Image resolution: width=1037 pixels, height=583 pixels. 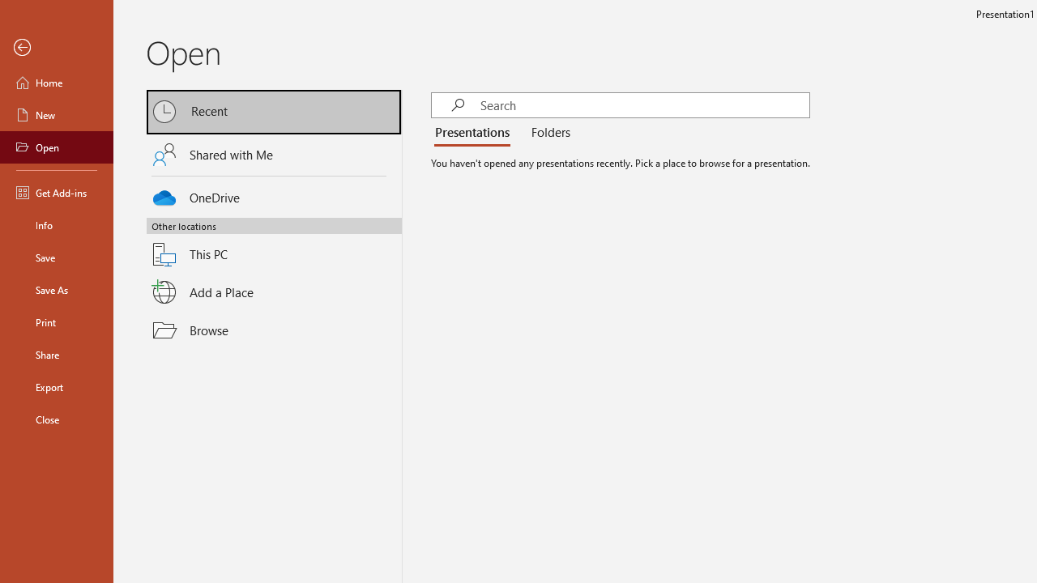 I want to click on 'Add a Place', so click(x=274, y=292).